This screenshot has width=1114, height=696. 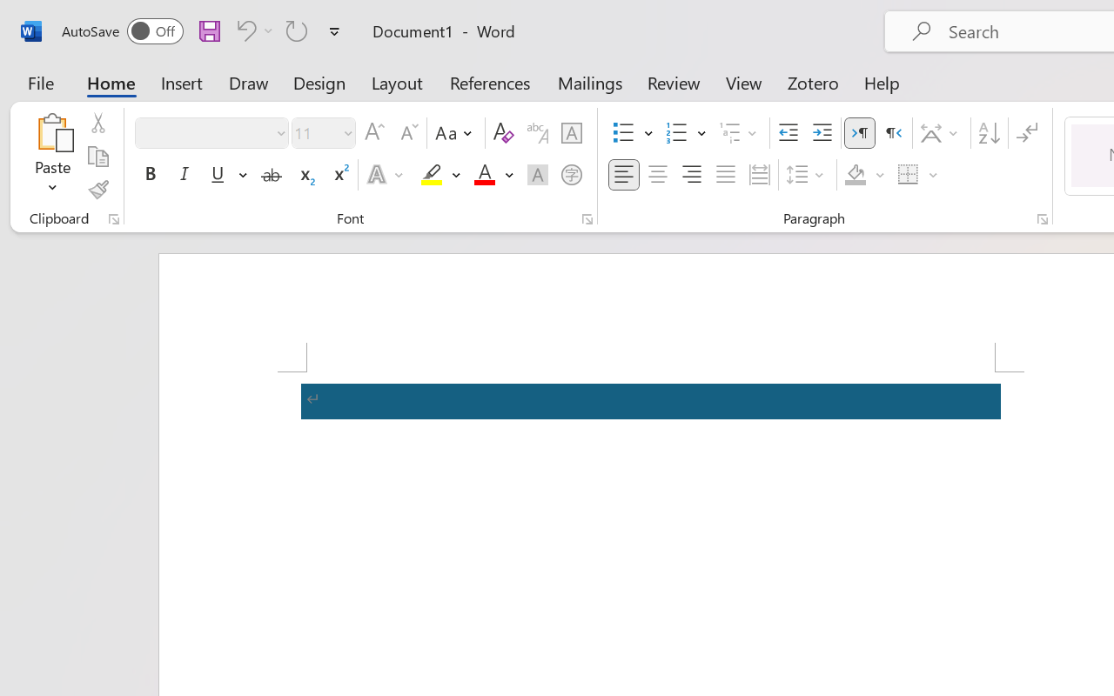 I want to click on 'Right-to-Left', so click(x=893, y=133).